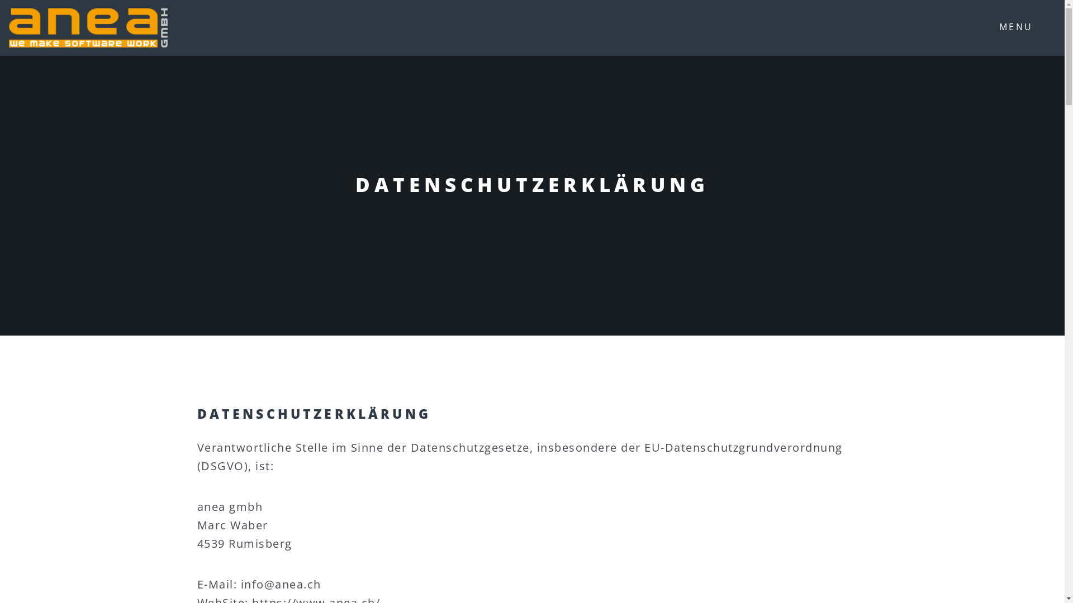 This screenshot has width=1073, height=603. What do you see at coordinates (1025, 27) in the screenshot?
I see `'MENU'` at bounding box center [1025, 27].